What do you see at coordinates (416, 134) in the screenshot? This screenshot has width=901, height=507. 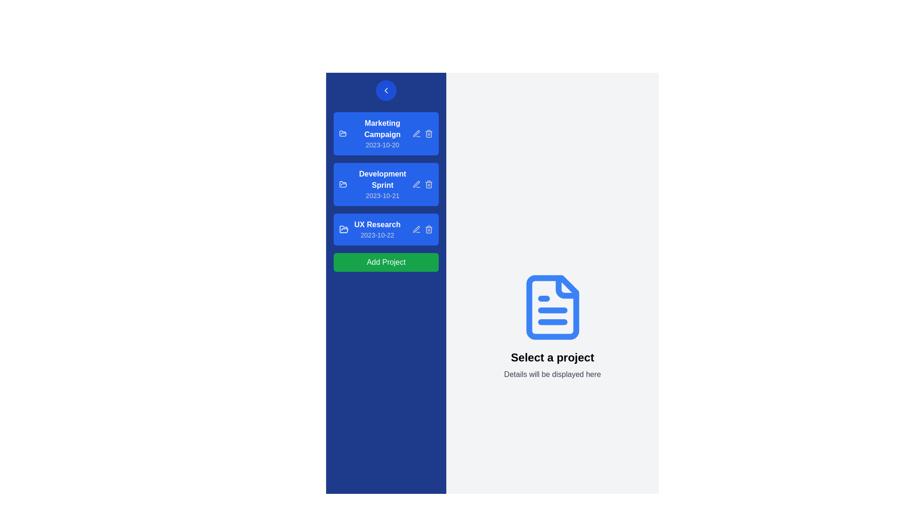 I see `the leftmost icon button representing a pen or edit action located to the right of the 'Marketing Campaign' section` at bounding box center [416, 134].